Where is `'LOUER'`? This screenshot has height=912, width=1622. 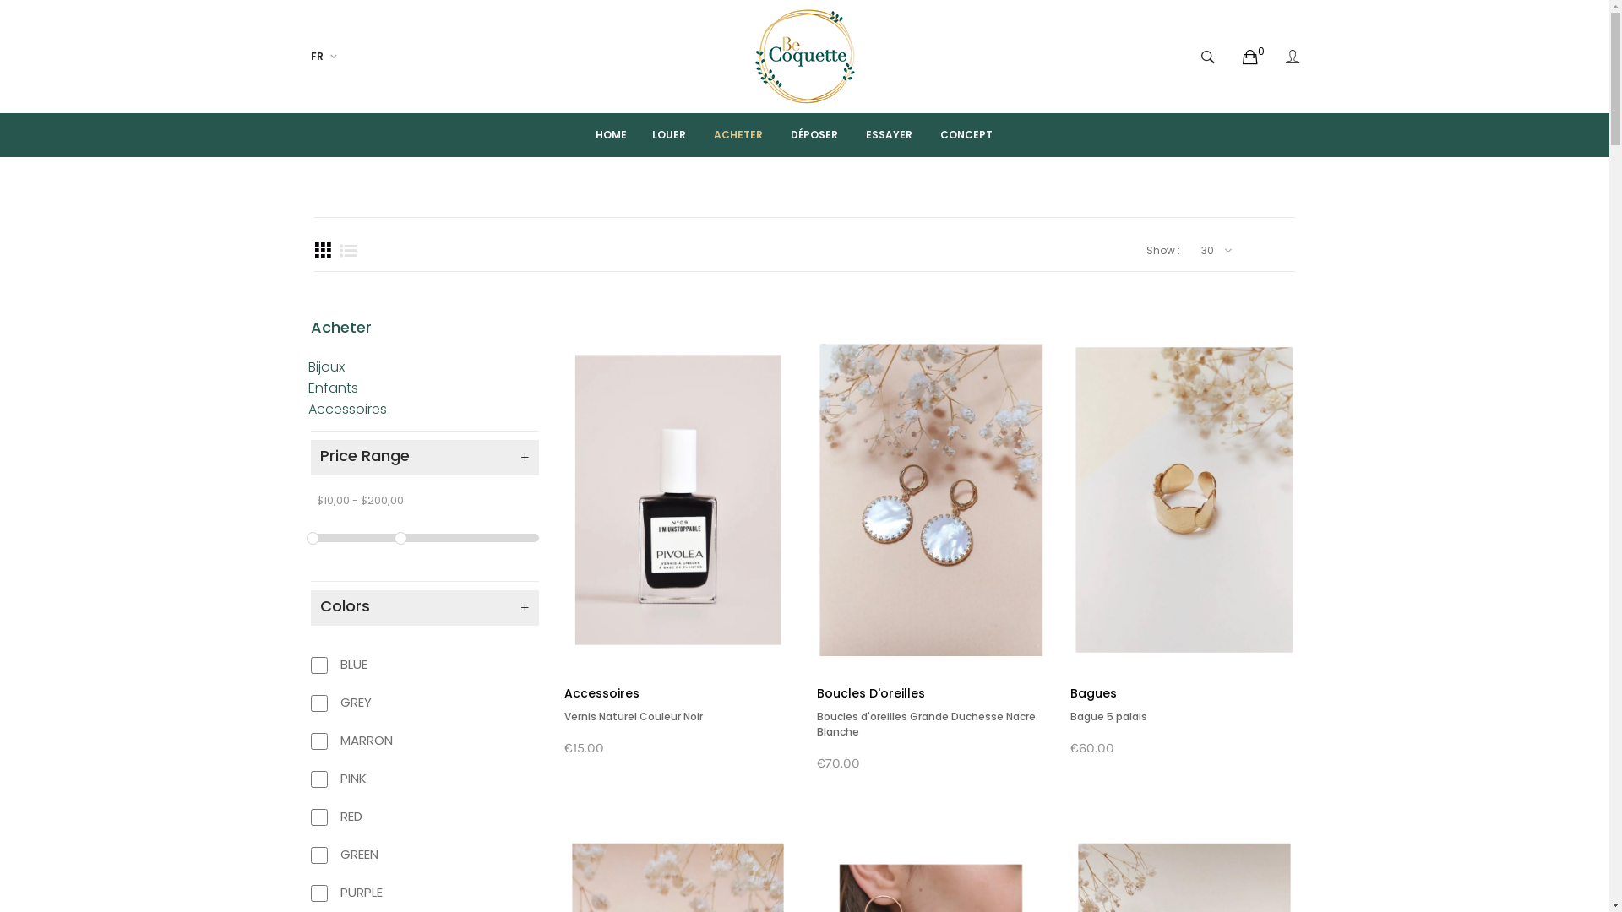 'LOUER' is located at coordinates (630, 133).